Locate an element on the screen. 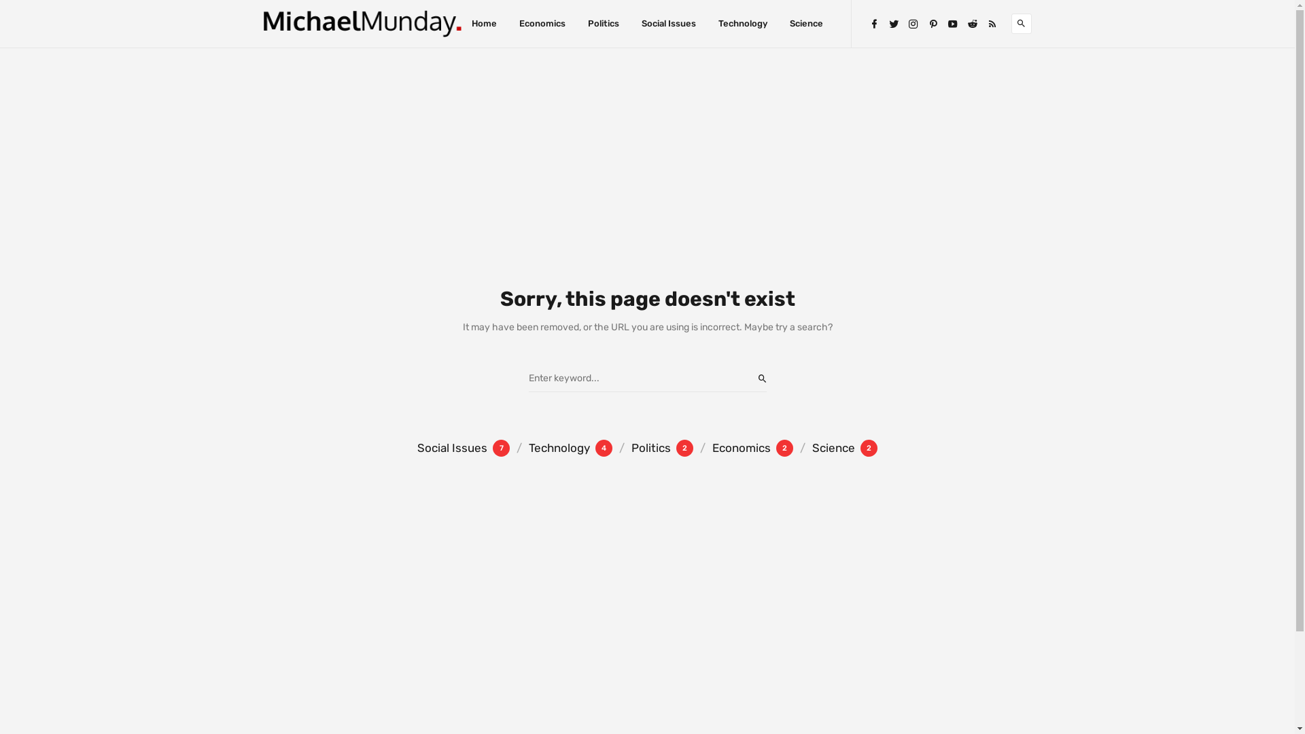 The height and width of the screenshot is (734, 1305). 'Politics is located at coordinates (652, 447).